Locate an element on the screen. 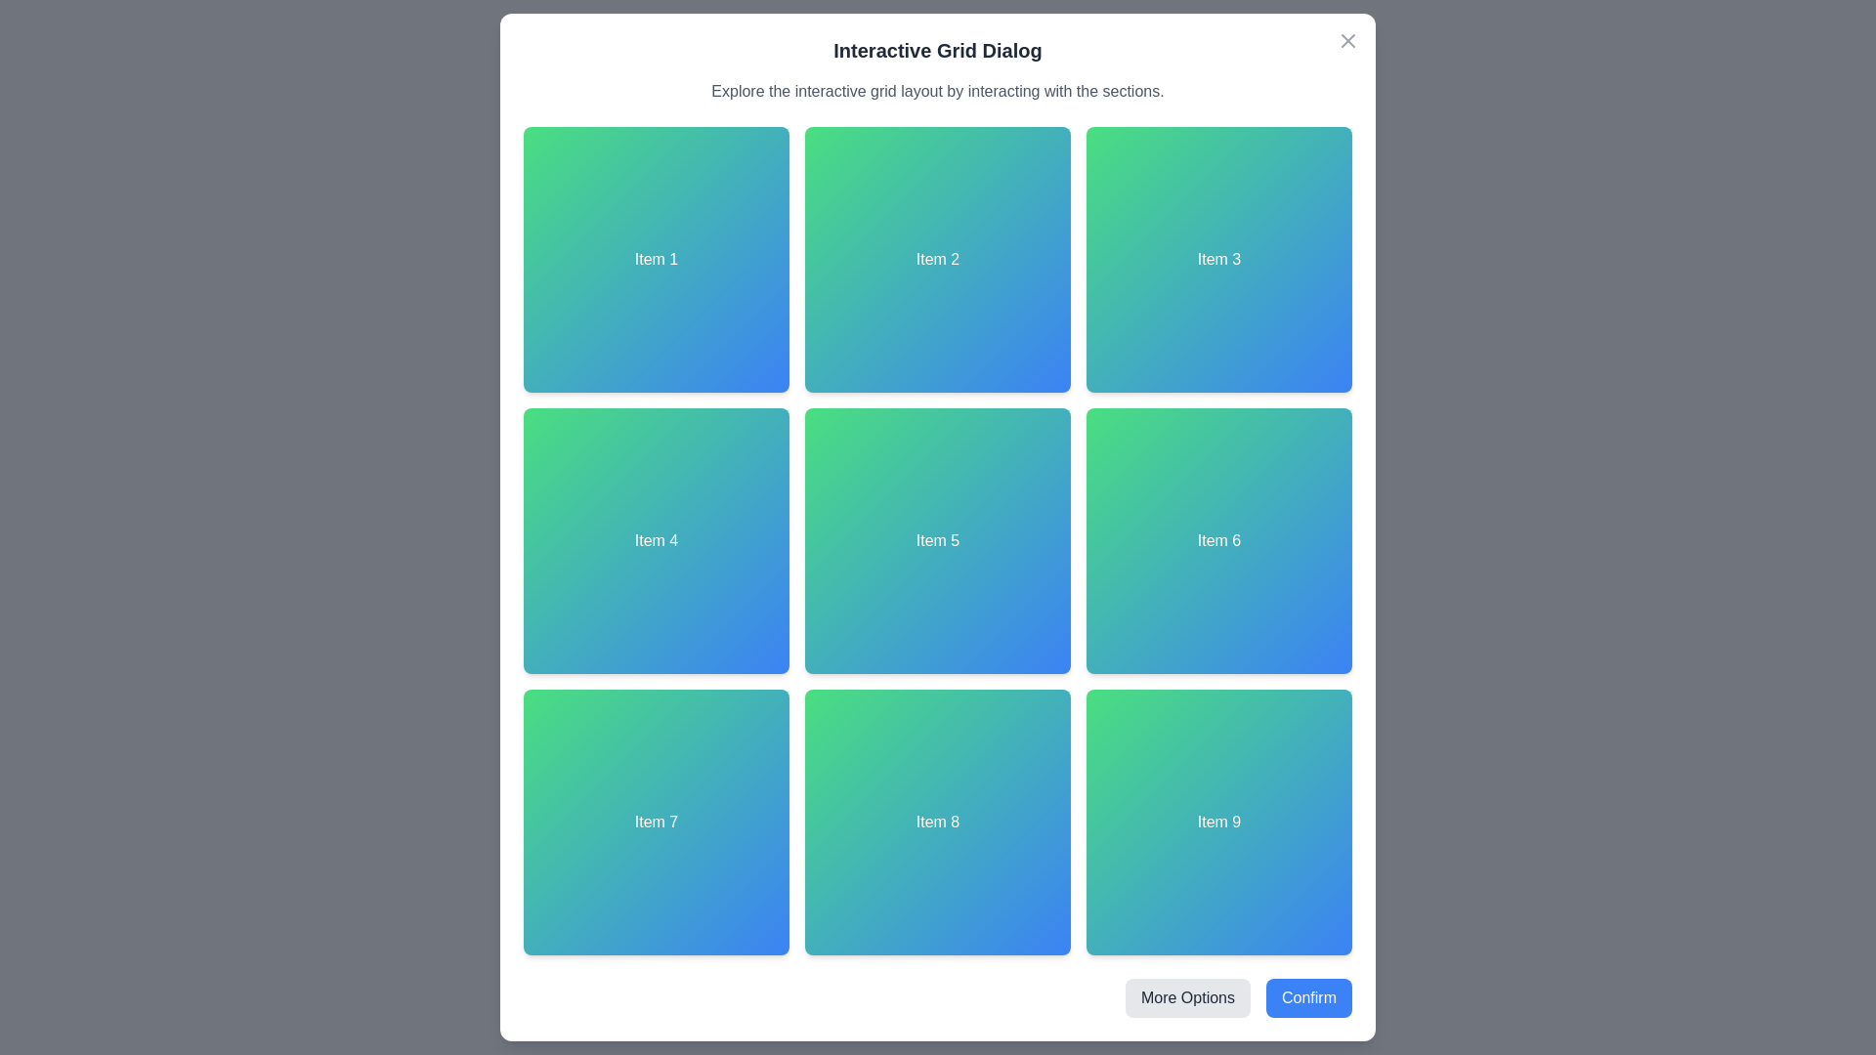 Image resolution: width=1876 pixels, height=1055 pixels. 'More Options' button located at the bottom-right of the dialog is located at coordinates (1186, 998).